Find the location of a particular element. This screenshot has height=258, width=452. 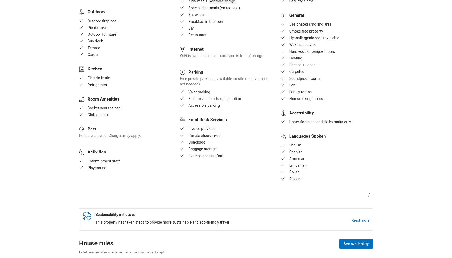

'Hardwood or parquet floors' is located at coordinates (289, 51).